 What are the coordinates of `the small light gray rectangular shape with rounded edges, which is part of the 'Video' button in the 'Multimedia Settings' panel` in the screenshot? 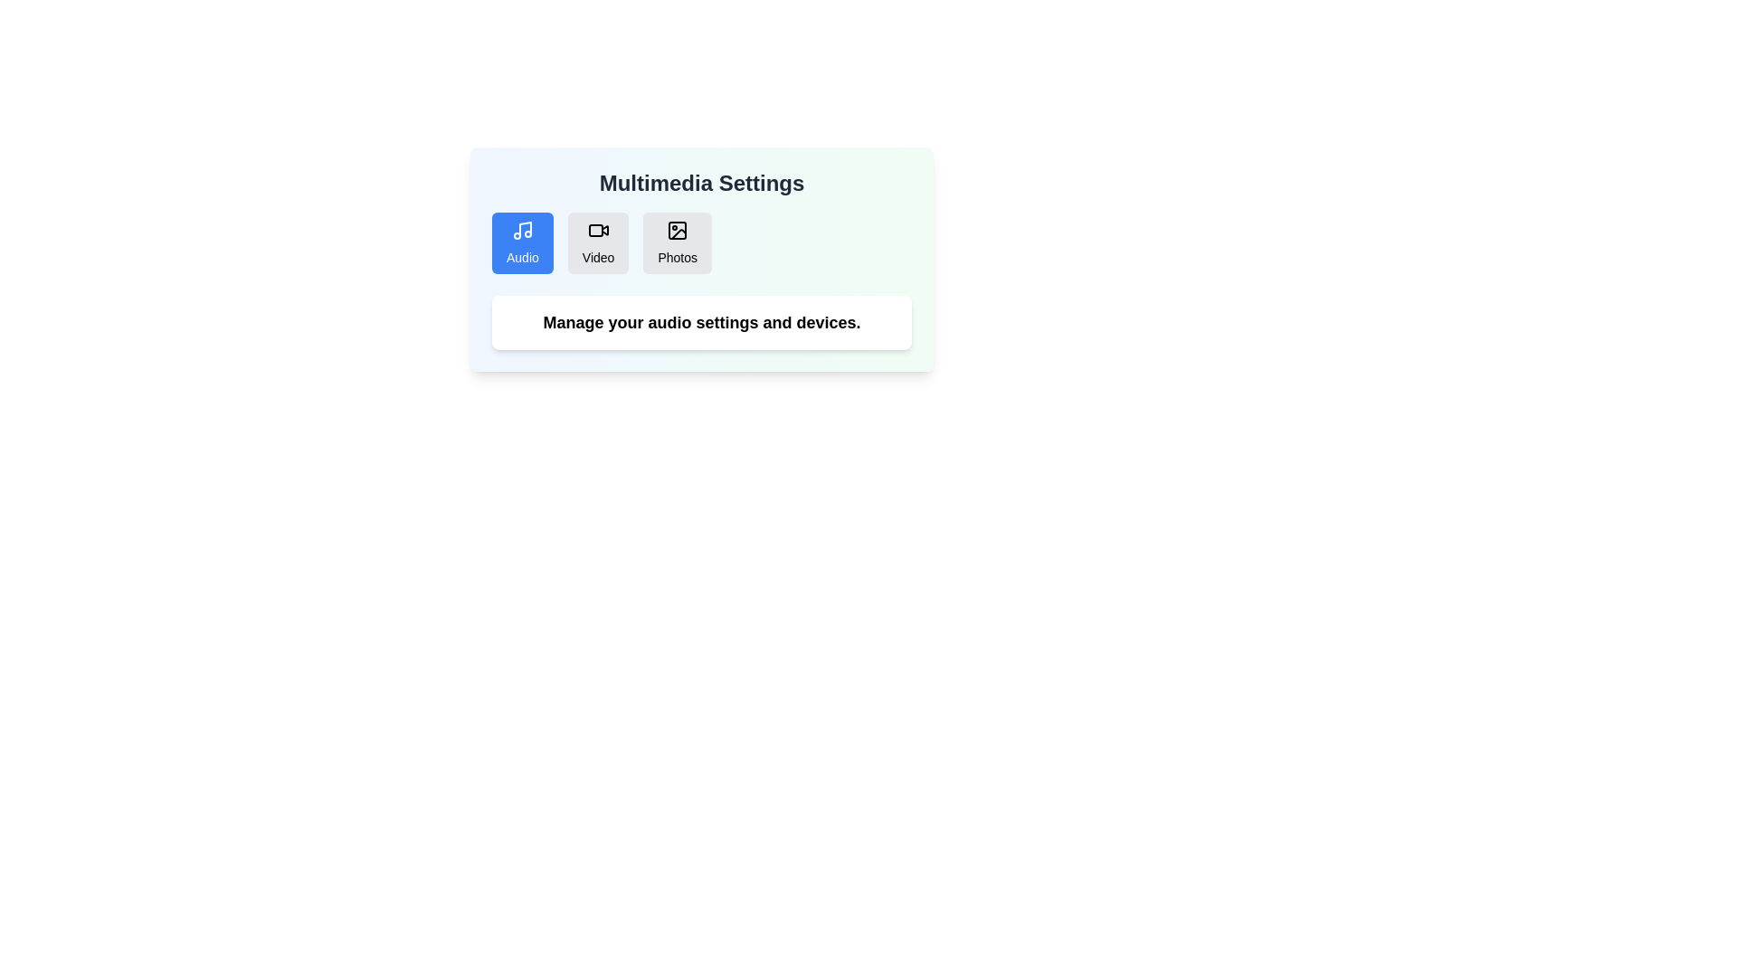 It's located at (595, 229).